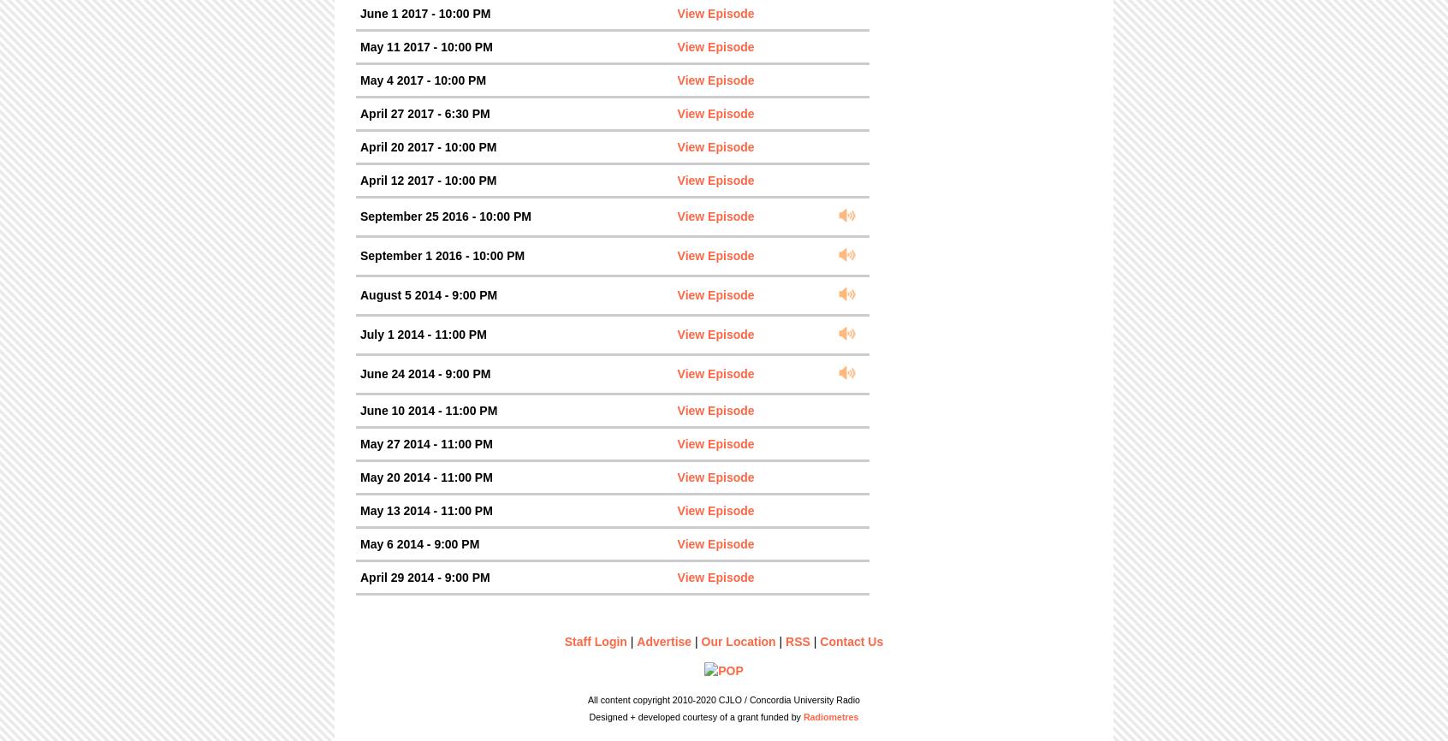  I want to click on 'July 1 2014 - 11:00 PM', so click(423, 333).